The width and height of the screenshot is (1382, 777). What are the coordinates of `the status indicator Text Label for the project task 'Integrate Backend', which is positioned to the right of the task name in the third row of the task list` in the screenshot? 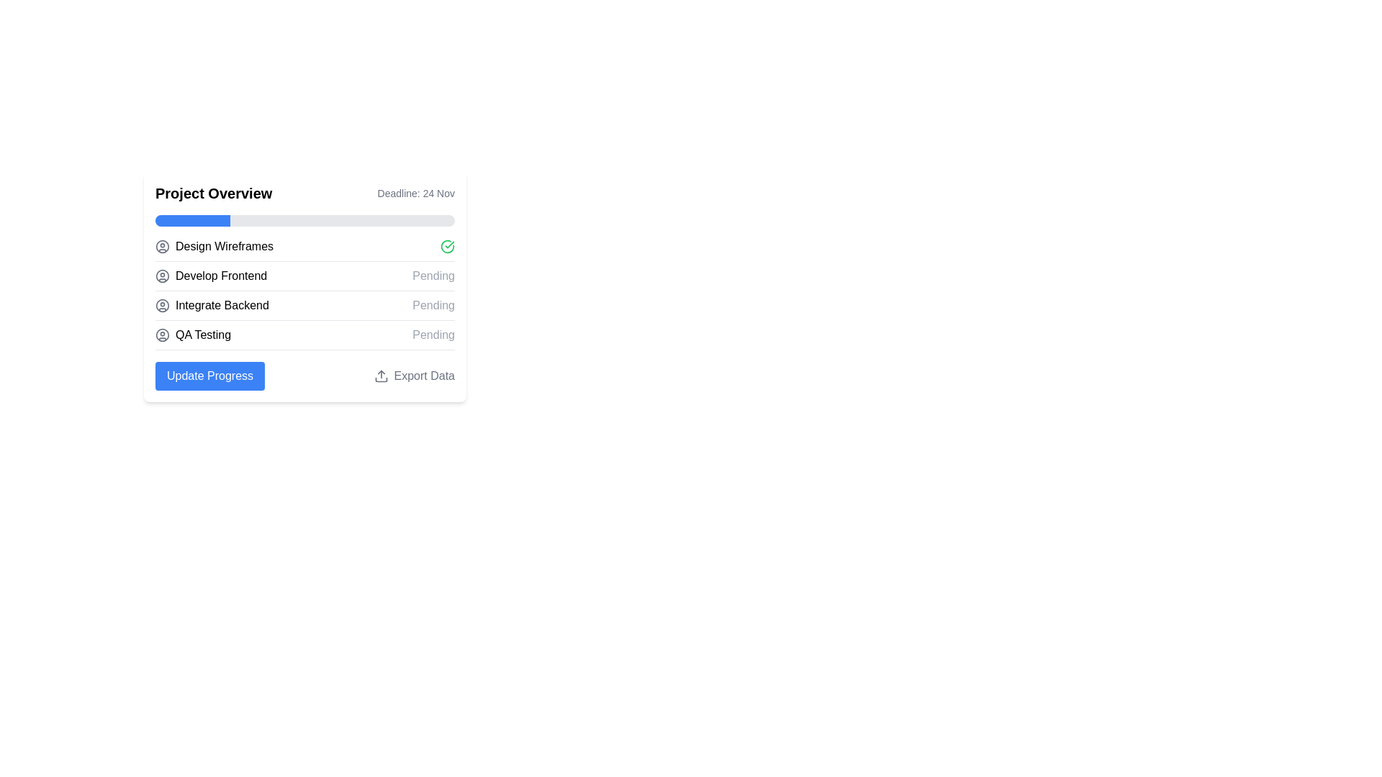 It's located at (433, 304).